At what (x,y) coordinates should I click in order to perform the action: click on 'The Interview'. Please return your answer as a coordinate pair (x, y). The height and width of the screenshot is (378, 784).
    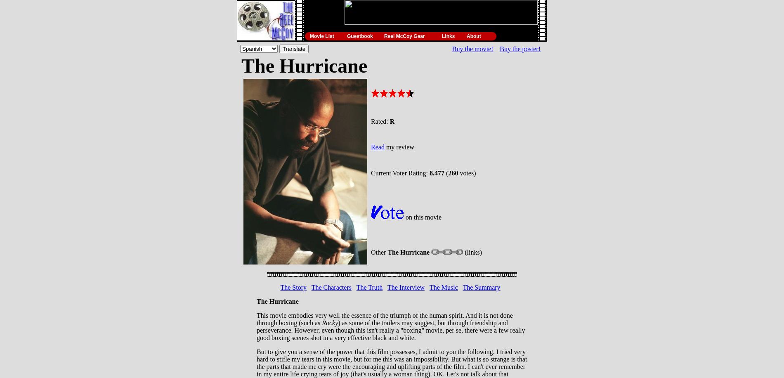
    Looking at the image, I should click on (406, 287).